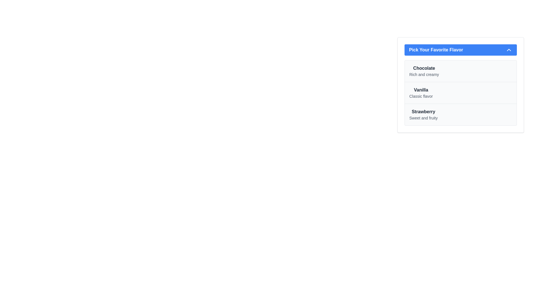  Describe the element at coordinates (424, 74) in the screenshot. I see `the static text element that provides additional descriptive information about the flavor 'Chocolate', which is located near the top right corner of the interface, underneath the bold text 'Chocolate'` at that location.